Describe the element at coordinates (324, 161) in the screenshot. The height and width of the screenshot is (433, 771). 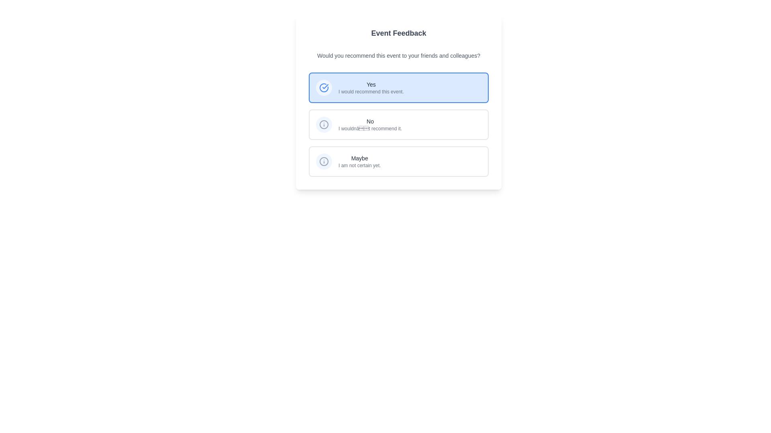
I see `the information icon located on the left side of the 'No' button in the vertical stack of options ('Yes', 'No', 'Maybe')` at that location.